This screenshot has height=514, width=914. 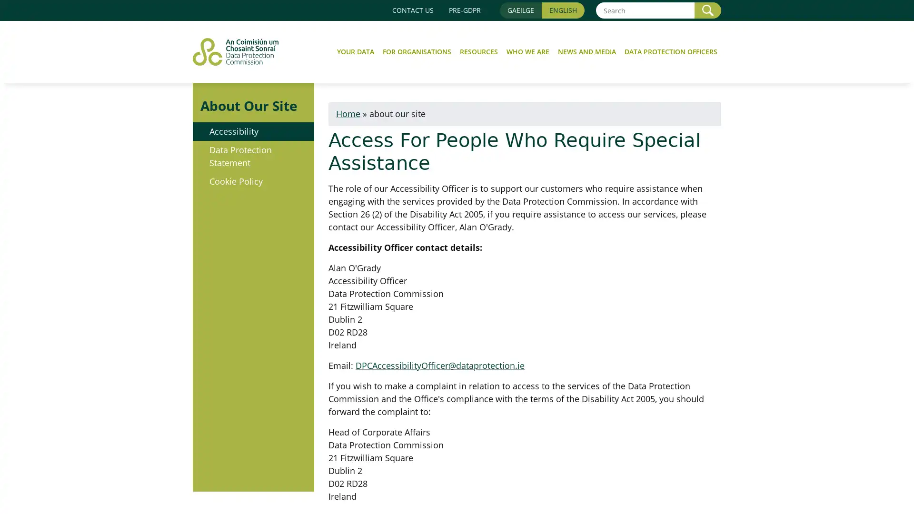 I want to click on Search SEARCH, so click(x=708, y=10).